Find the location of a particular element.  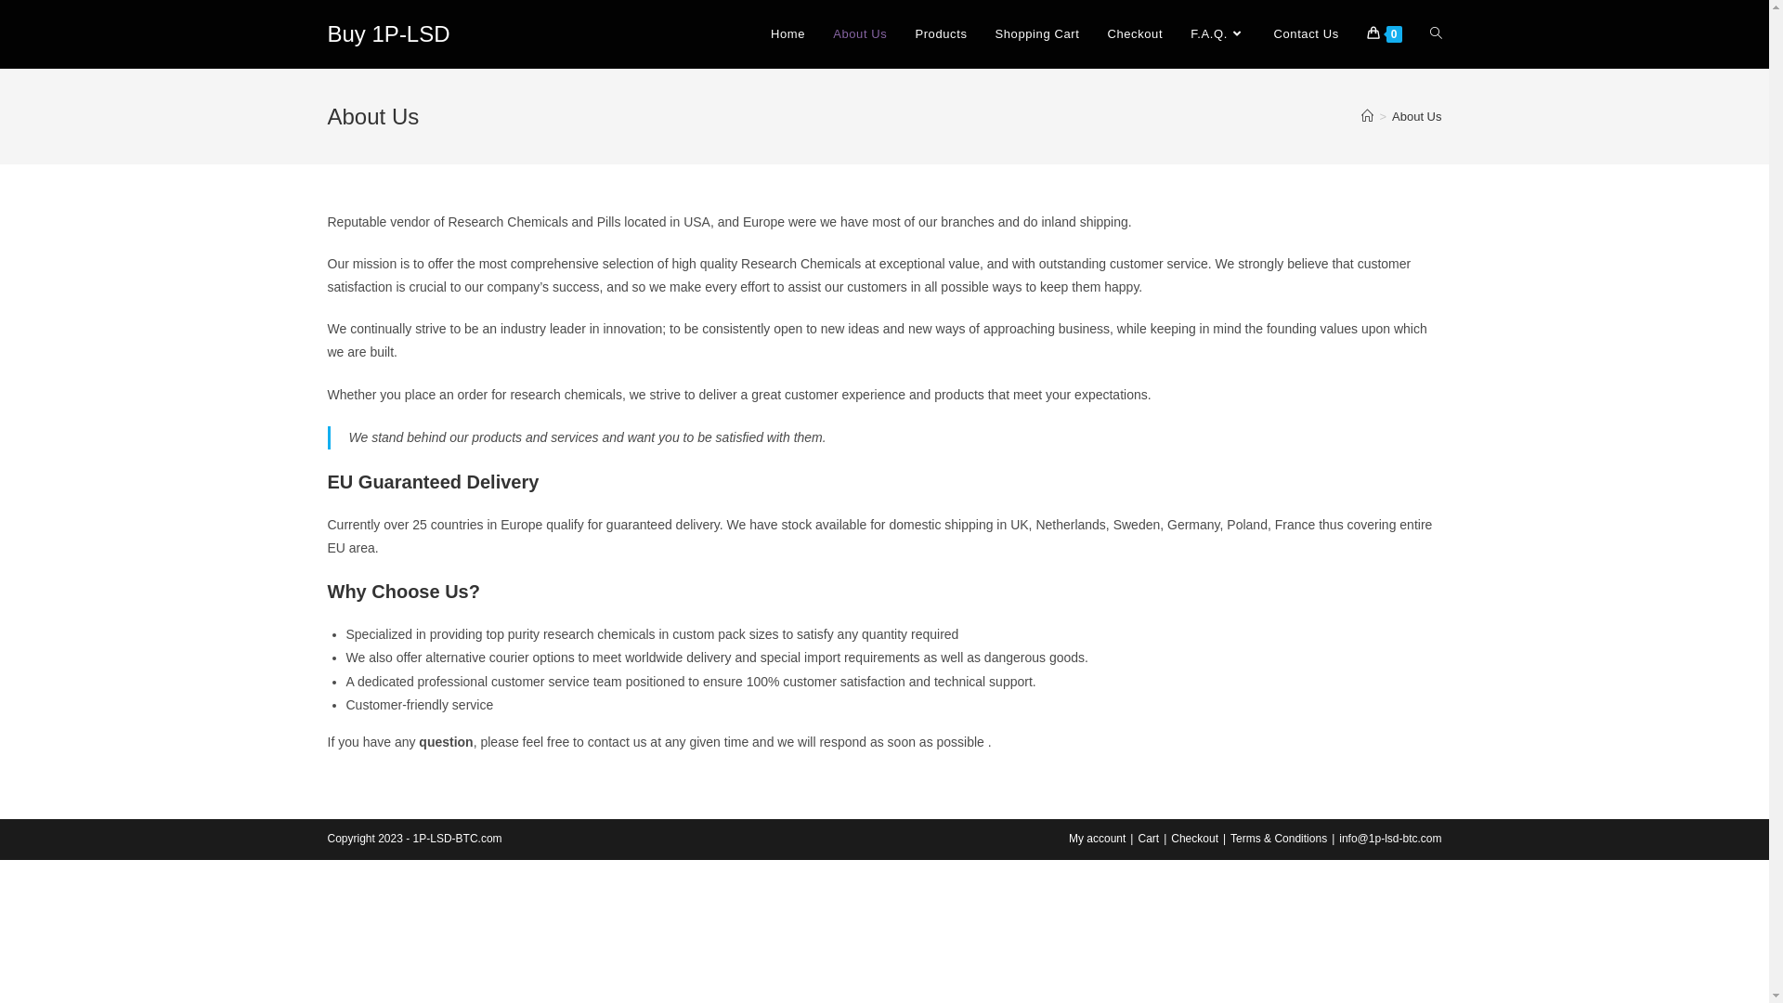

'0' is located at coordinates (1385, 34).